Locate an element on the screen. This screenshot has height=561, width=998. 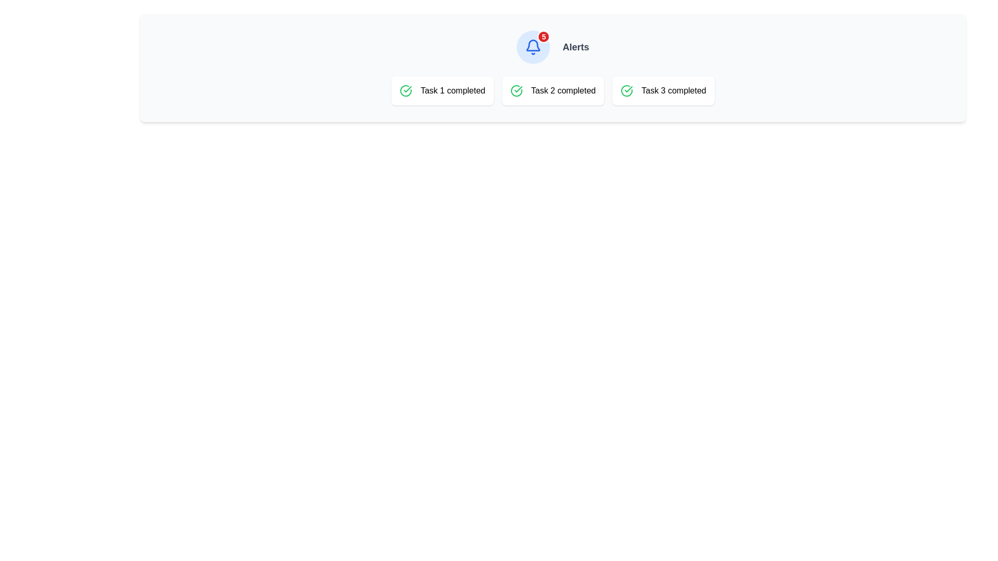
the circular green checkmark icon indicating confirmation, located at the leftmost position of the card labeled 'Task 3 completed' is located at coordinates (626, 90).